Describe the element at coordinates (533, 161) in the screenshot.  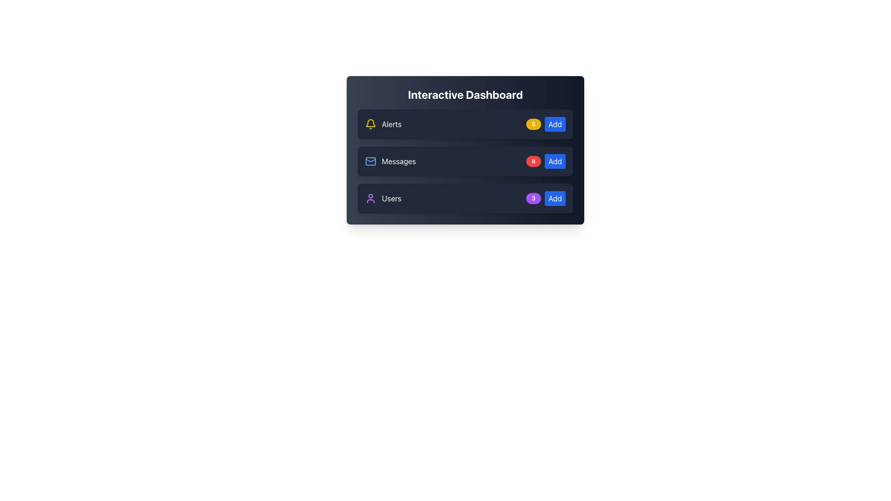
I see `the red badge displaying the number '8' in the 'Messages' row for status updates` at that location.